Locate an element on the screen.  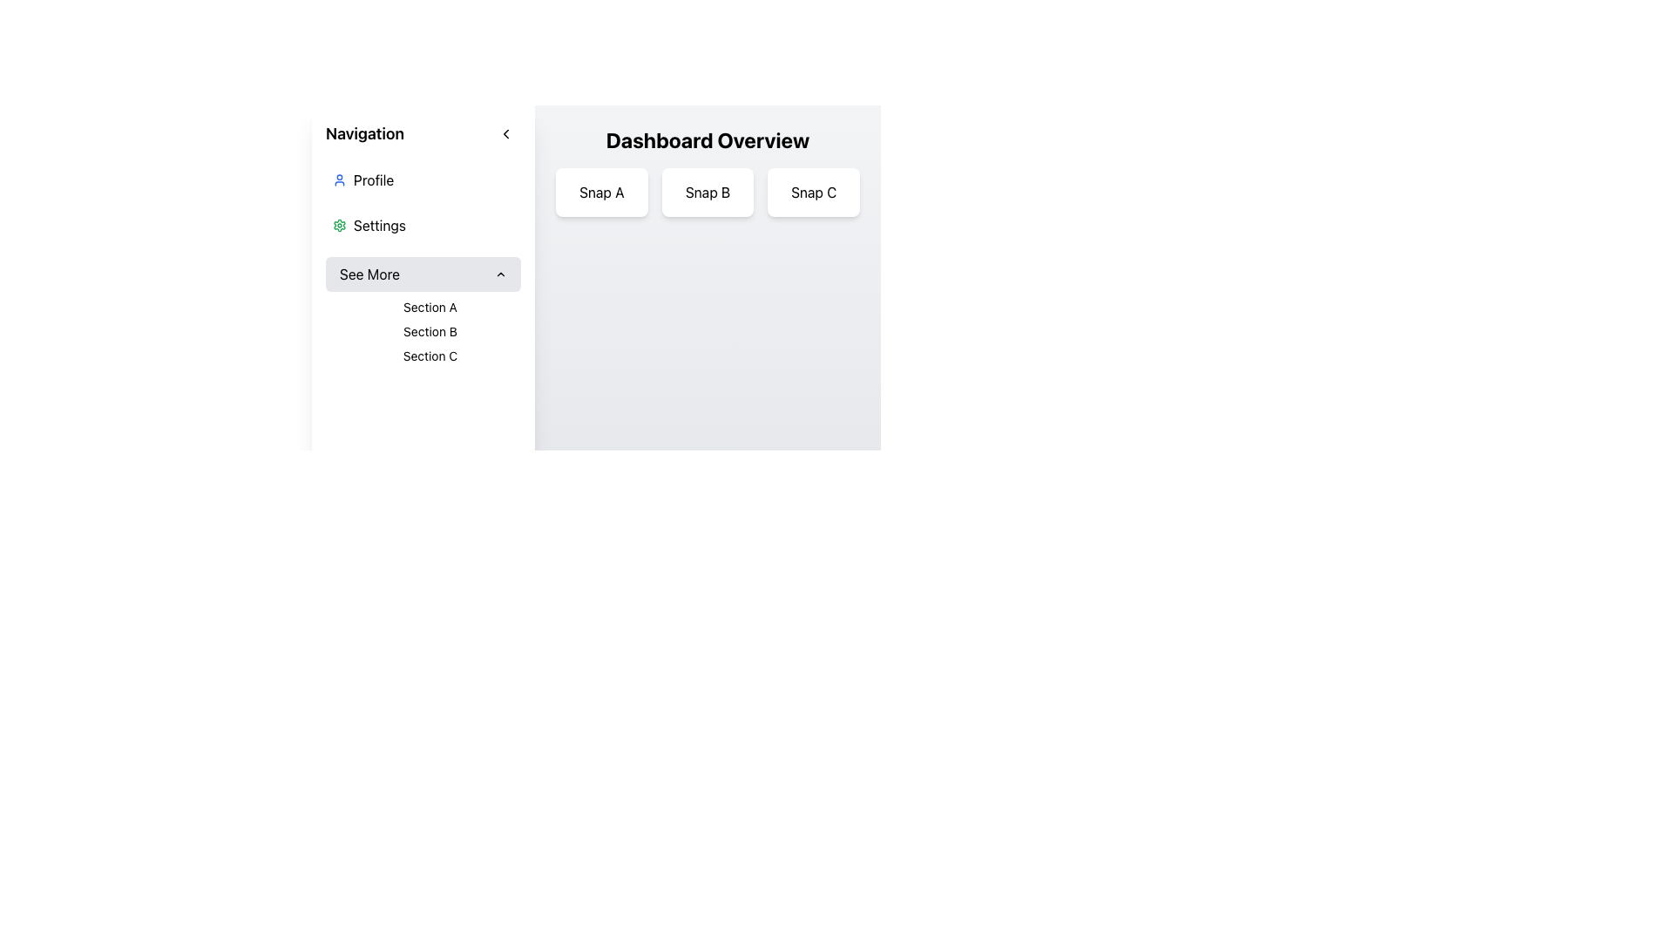
the settings icon located in the sidebar menu, which is positioned vertically under the 'Profile' icon and above the 'See More' expandable menu is located at coordinates (339, 224).